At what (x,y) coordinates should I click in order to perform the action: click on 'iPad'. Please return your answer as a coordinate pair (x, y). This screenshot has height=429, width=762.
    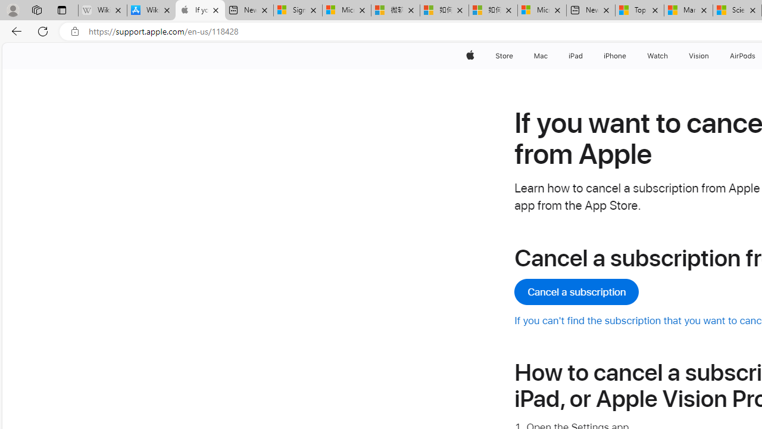
    Looking at the image, I should click on (575, 55).